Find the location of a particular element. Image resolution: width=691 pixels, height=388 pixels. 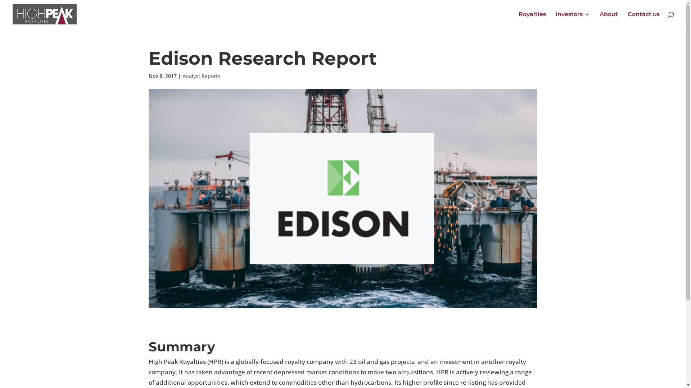

'About' is located at coordinates (608, 20).